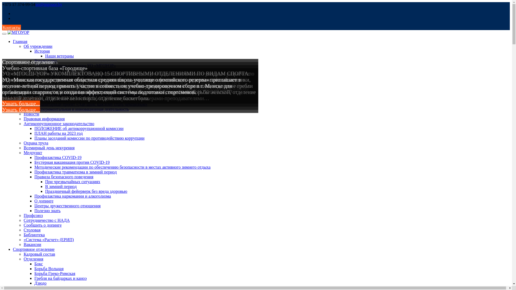  What do you see at coordinates (49, 4) in the screenshot?
I see `'uo@mgouor.by'` at bounding box center [49, 4].